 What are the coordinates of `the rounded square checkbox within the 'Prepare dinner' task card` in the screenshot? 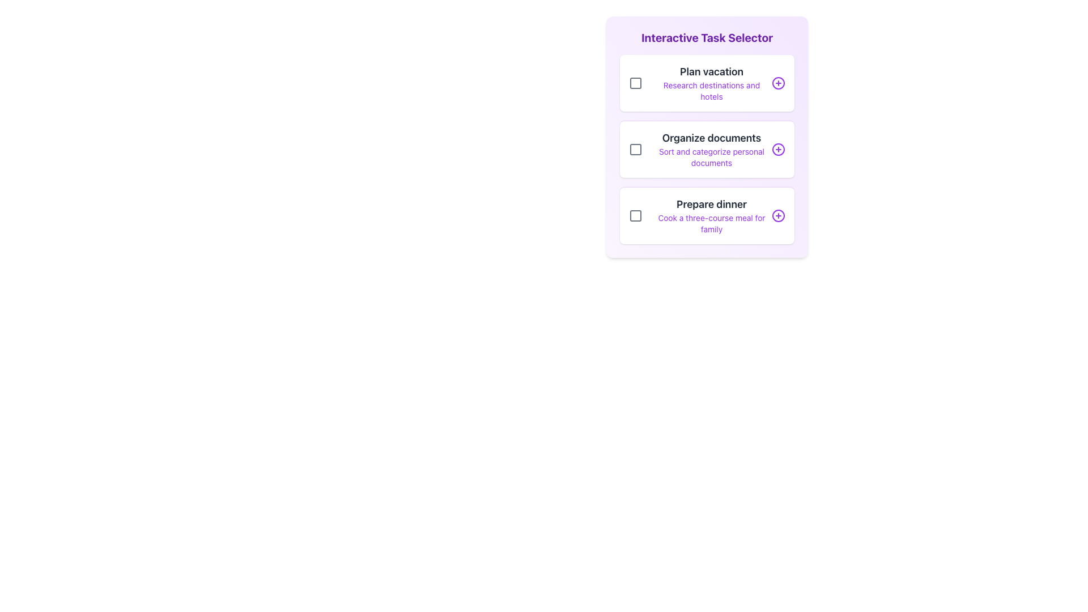 It's located at (636, 216).